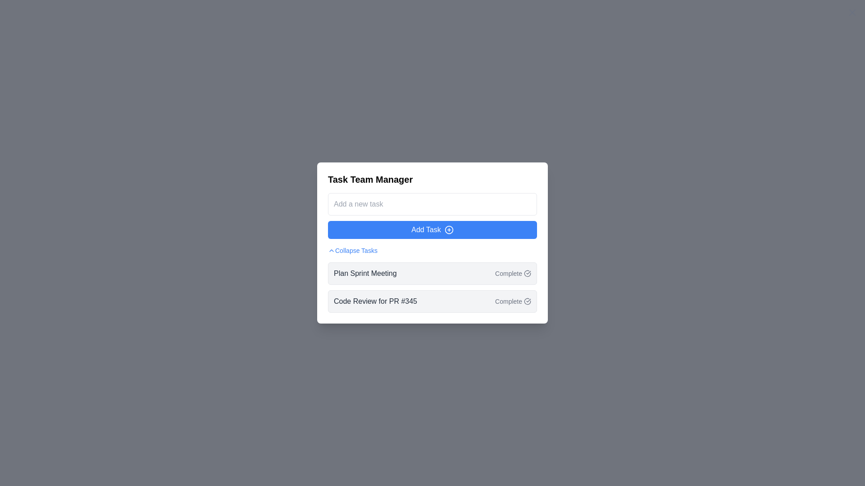 The image size is (865, 486). Describe the element at coordinates (513, 301) in the screenshot. I see `the 'Complete' button with a checkmark icon on the right side of the task labeled 'Code Review for PR #345'` at that location.